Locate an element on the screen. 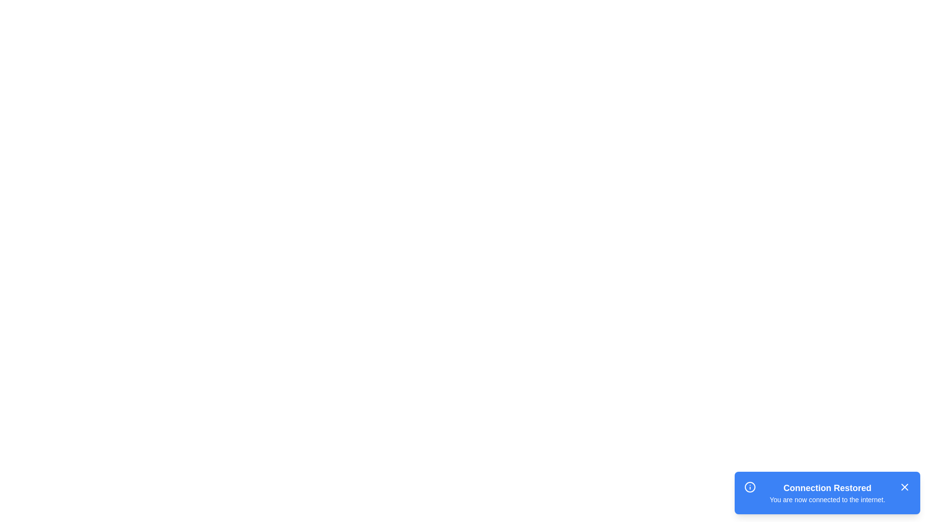 The height and width of the screenshot is (522, 928). the 'Connection Restored' text block which displays a notification about internet connectivity, to interact with its surroundings is located at coordinates (827, 493).